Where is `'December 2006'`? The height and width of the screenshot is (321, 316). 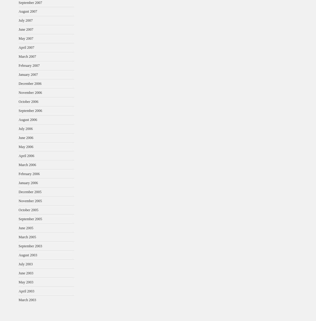 'December 2006' is located at coordinates (30, 83).